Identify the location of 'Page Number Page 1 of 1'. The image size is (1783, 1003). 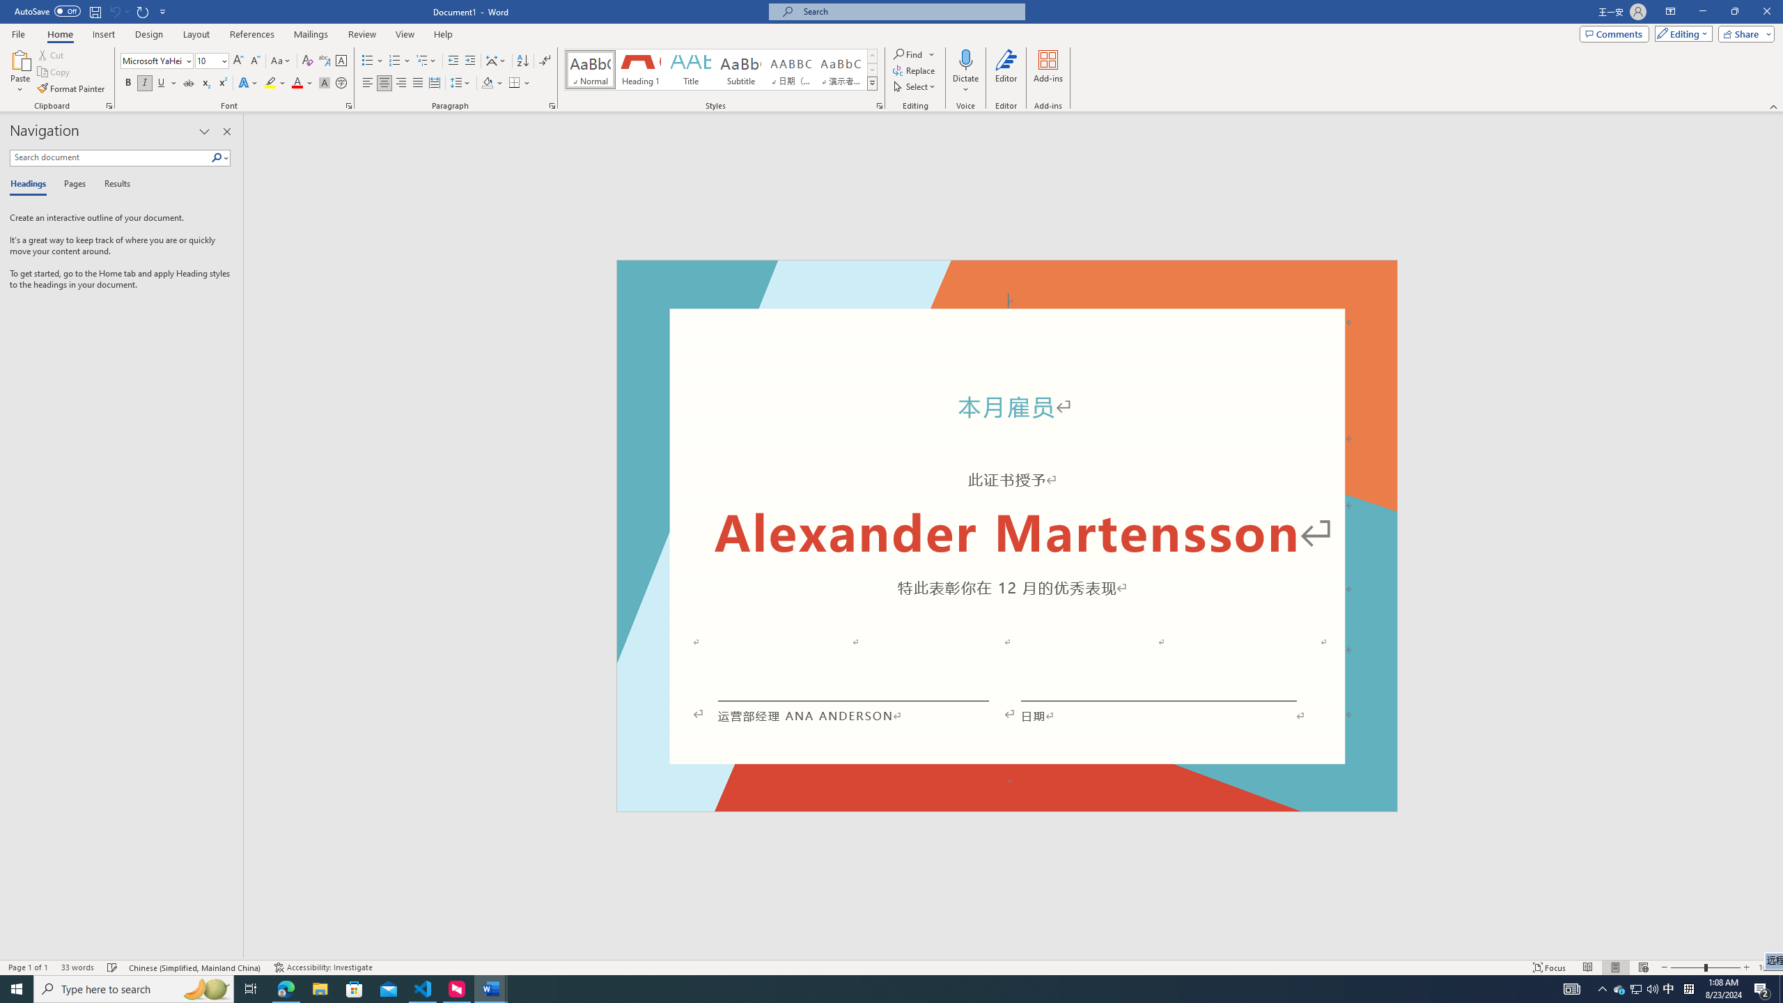
(28, 967).